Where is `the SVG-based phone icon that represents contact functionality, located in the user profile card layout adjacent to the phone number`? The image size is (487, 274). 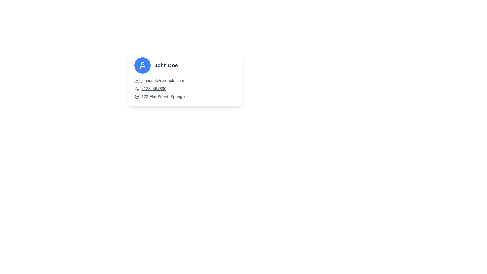
the SVG-based phone icon that represents contact functionality, located in the user profile card layout adjacent to the phone number is located at coordinates (137, 88).